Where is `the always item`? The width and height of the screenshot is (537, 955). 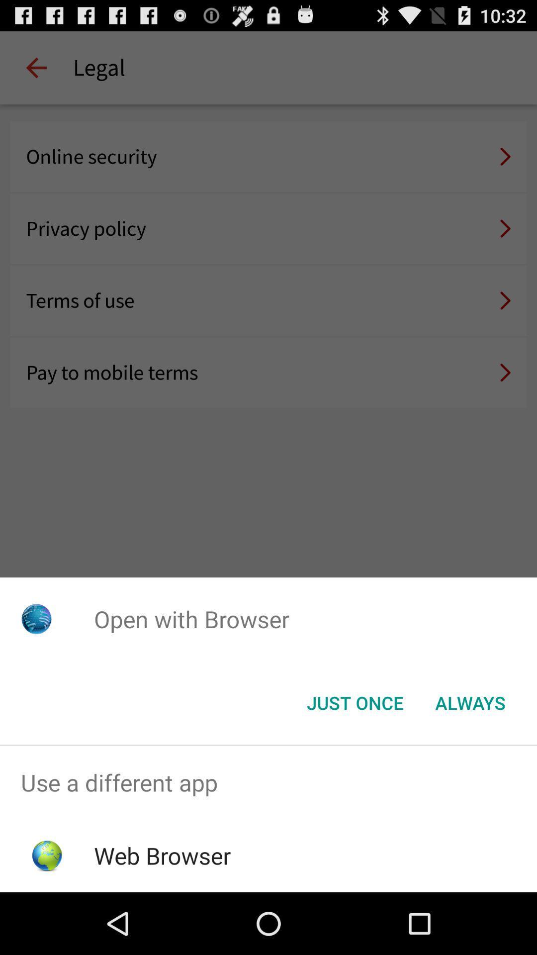 the always item is located at coordinates (470, 702).